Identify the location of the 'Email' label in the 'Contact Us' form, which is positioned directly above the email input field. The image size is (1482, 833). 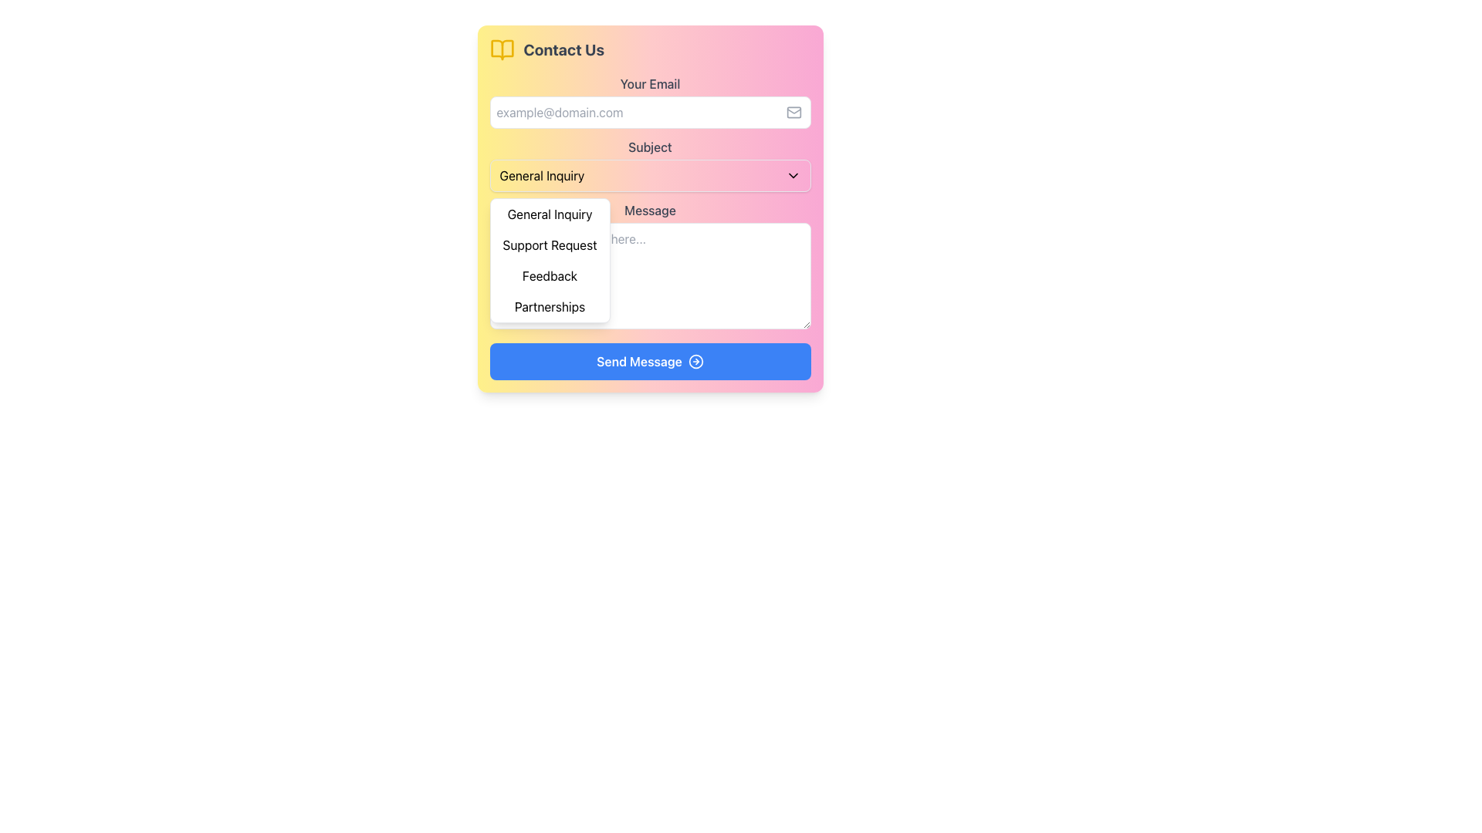
(650, 101).